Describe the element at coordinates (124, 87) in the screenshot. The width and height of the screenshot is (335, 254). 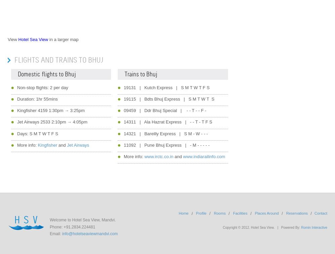
I see `'19131   |   Kutch Express   
						|   S M T W T F S'` at that location.